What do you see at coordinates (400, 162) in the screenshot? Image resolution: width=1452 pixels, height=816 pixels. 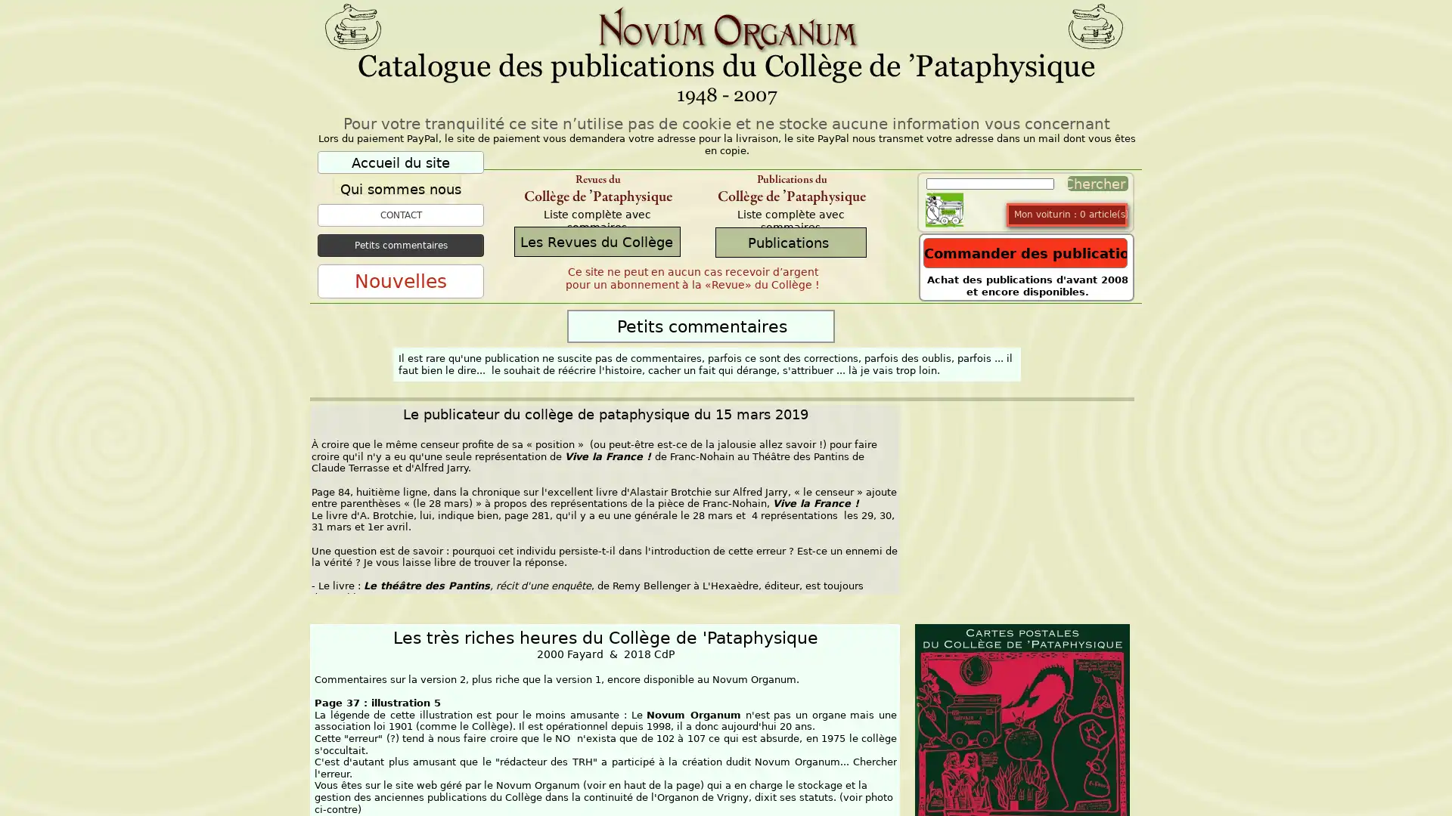 I see `Accueil du site` at bounding box center [400, 162].